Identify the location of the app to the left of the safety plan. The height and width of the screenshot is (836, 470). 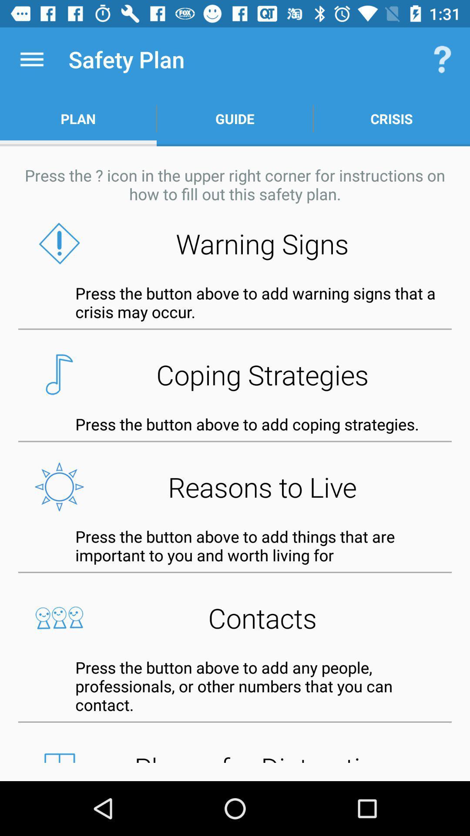
(31, 59).